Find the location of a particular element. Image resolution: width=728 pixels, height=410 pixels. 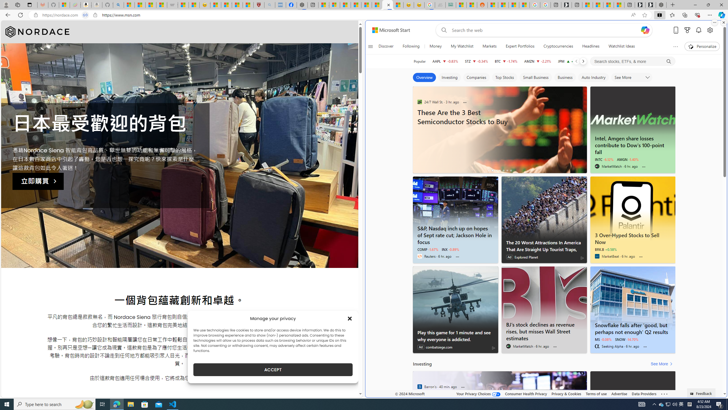

'Class: button-glyph' is located at coordinates (371, 46).